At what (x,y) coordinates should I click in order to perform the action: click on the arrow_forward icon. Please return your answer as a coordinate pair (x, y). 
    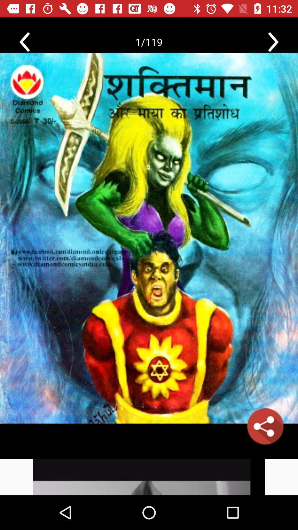
    Looking at the image, I should click on (273, 42).